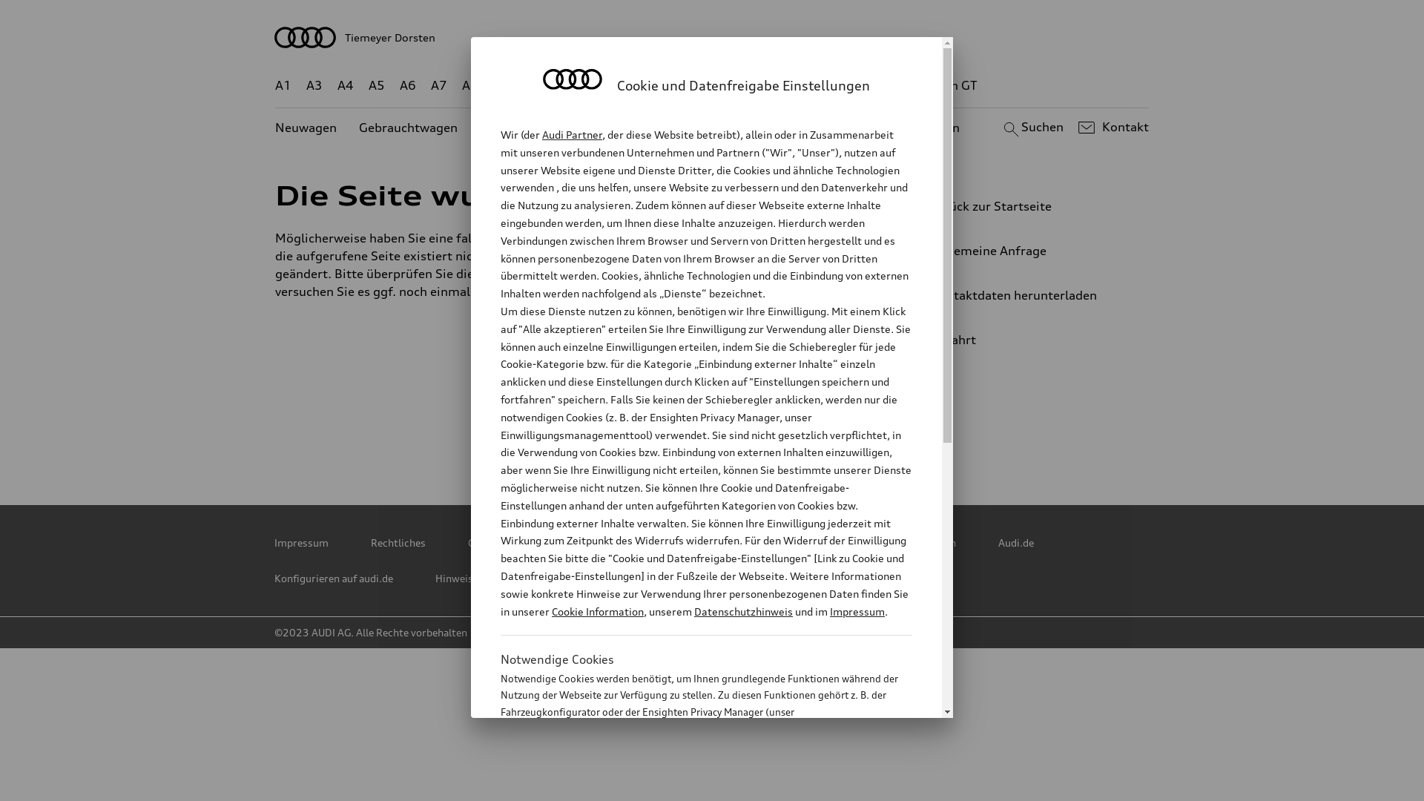 This screenshot has width=1424, height=801. Describe the element at coordinates (693, 611) in the screenshot. I see `'Datenschutzhinweis'` at that location.